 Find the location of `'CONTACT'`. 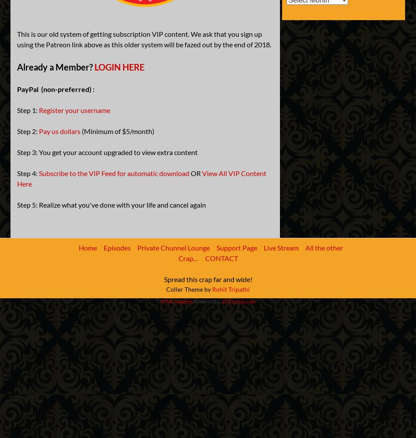

'CONTACT' is located at coordinates (221, 258).